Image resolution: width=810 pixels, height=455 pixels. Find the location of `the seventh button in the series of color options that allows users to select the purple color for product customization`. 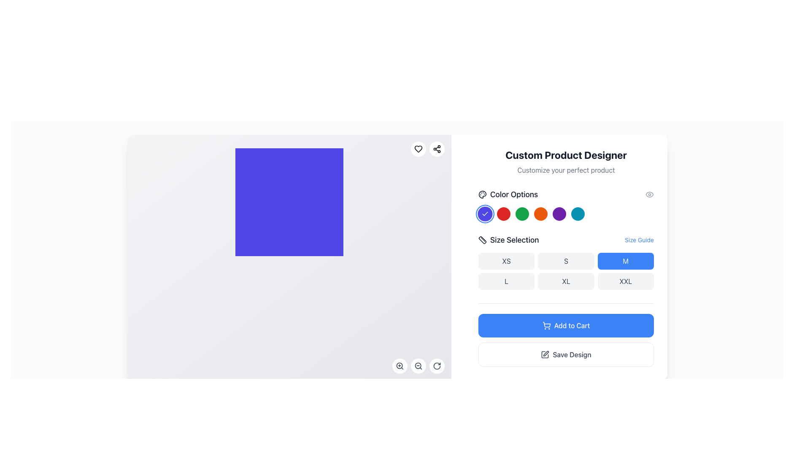

the seventh button in the series of color options that allows users to select the purple color for product customization is located at coordinates (559, 214).